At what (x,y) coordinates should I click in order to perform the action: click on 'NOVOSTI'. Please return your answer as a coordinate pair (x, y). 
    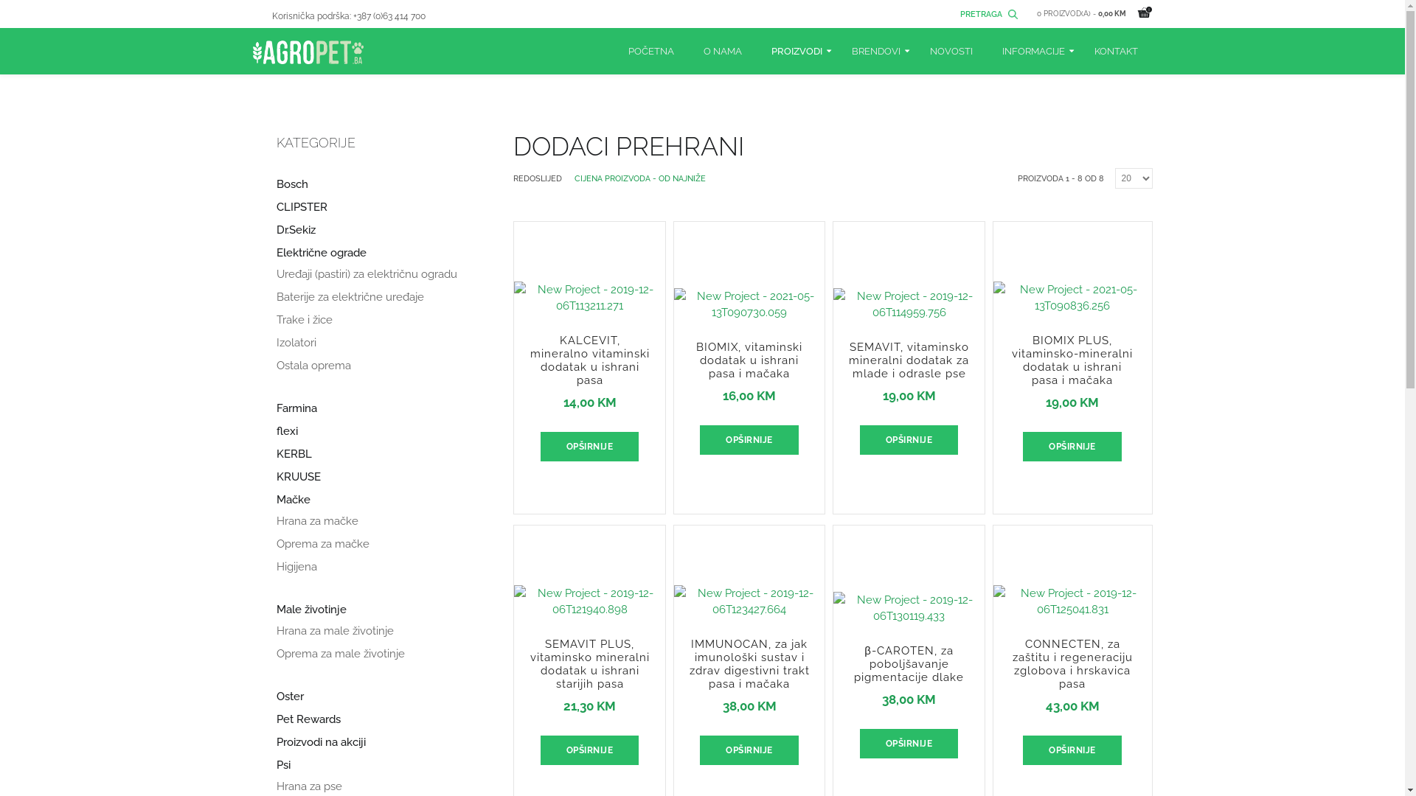
    Looking at the image, I should click on (913, 50).